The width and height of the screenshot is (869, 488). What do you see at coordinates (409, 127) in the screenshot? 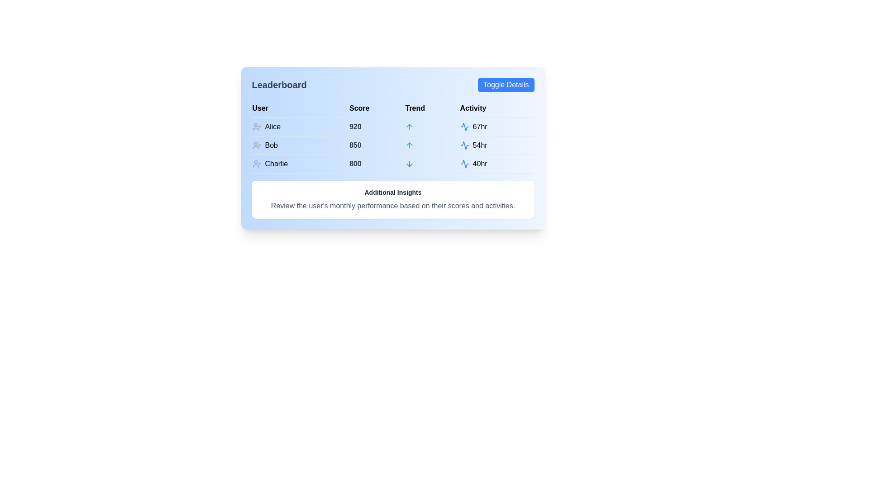
I see `the green upward arrow icon representing the trend for user 'Alice' in the leaderboard's 'Trend' column` at bounding box center [409, 127].